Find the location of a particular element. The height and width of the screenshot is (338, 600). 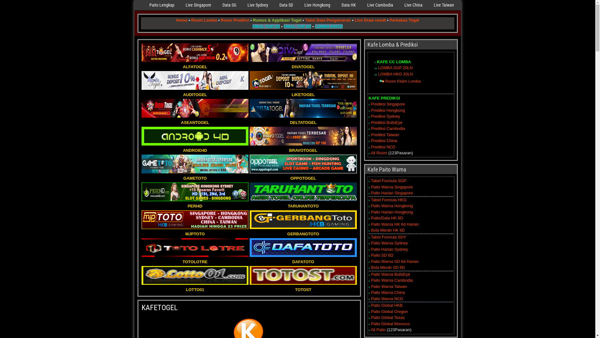

'BRAVOTOGEL' is located at coordinates (303, 147).